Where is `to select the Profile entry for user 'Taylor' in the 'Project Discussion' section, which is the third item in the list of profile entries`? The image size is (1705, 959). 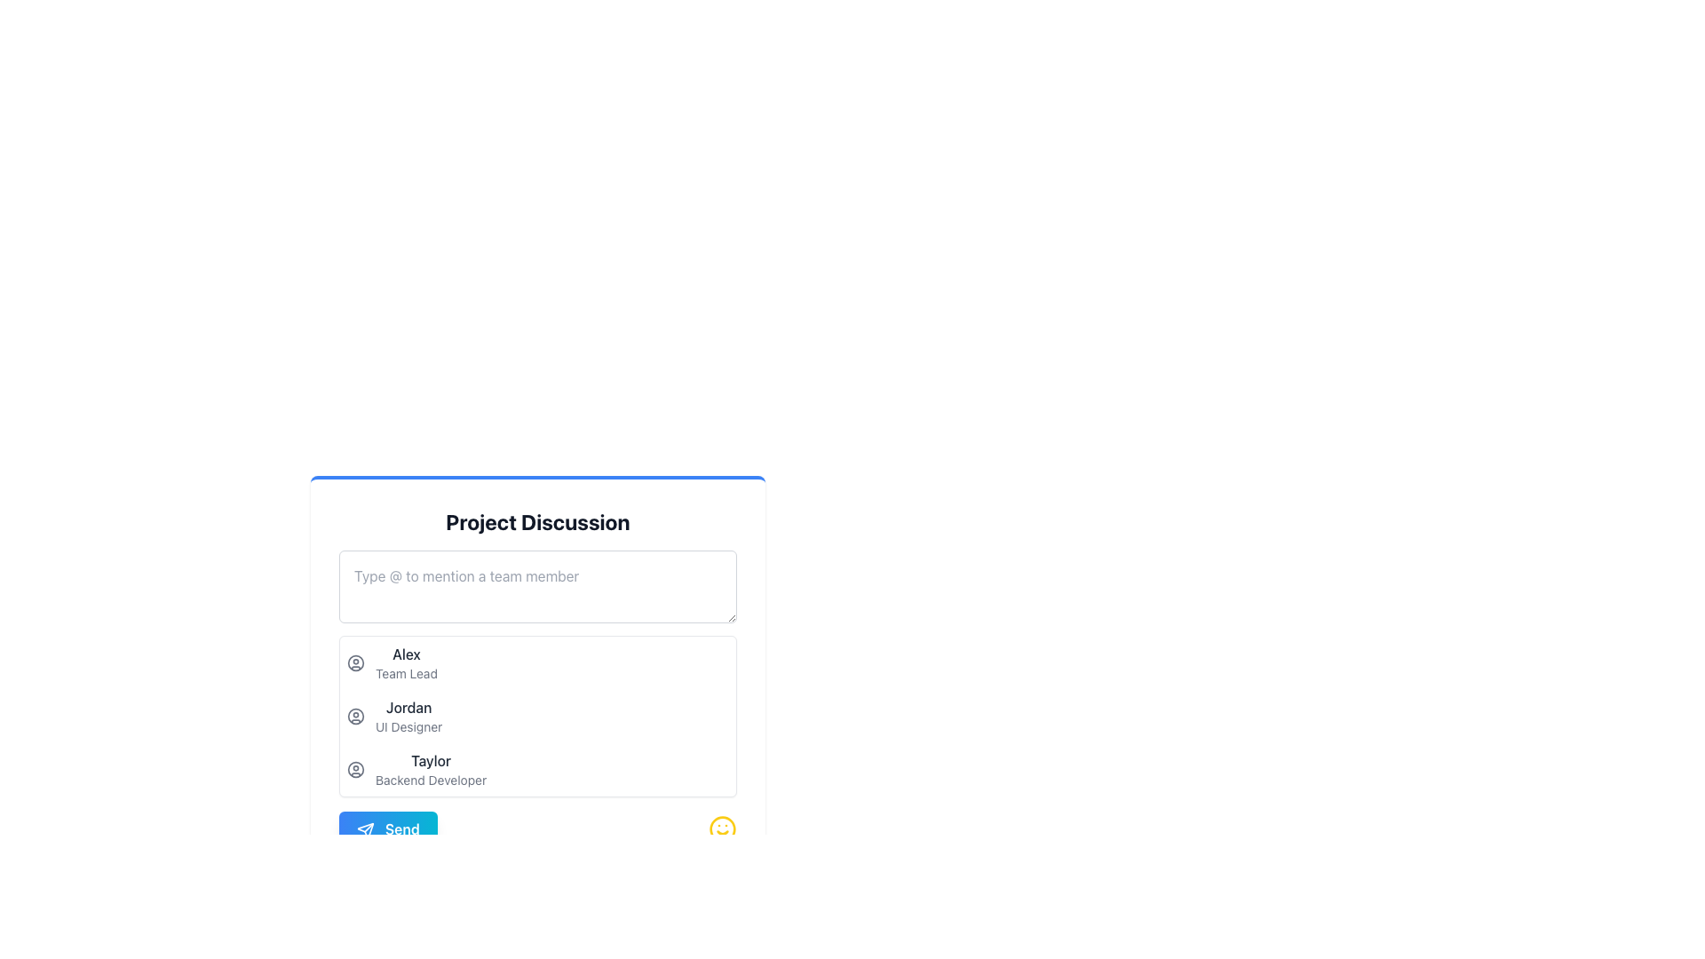 to select the Profile entry for user 'Taylor' in the 'Project Discussion' section, which is the third item in the list of profile entries is located at coordinates (536, 769).